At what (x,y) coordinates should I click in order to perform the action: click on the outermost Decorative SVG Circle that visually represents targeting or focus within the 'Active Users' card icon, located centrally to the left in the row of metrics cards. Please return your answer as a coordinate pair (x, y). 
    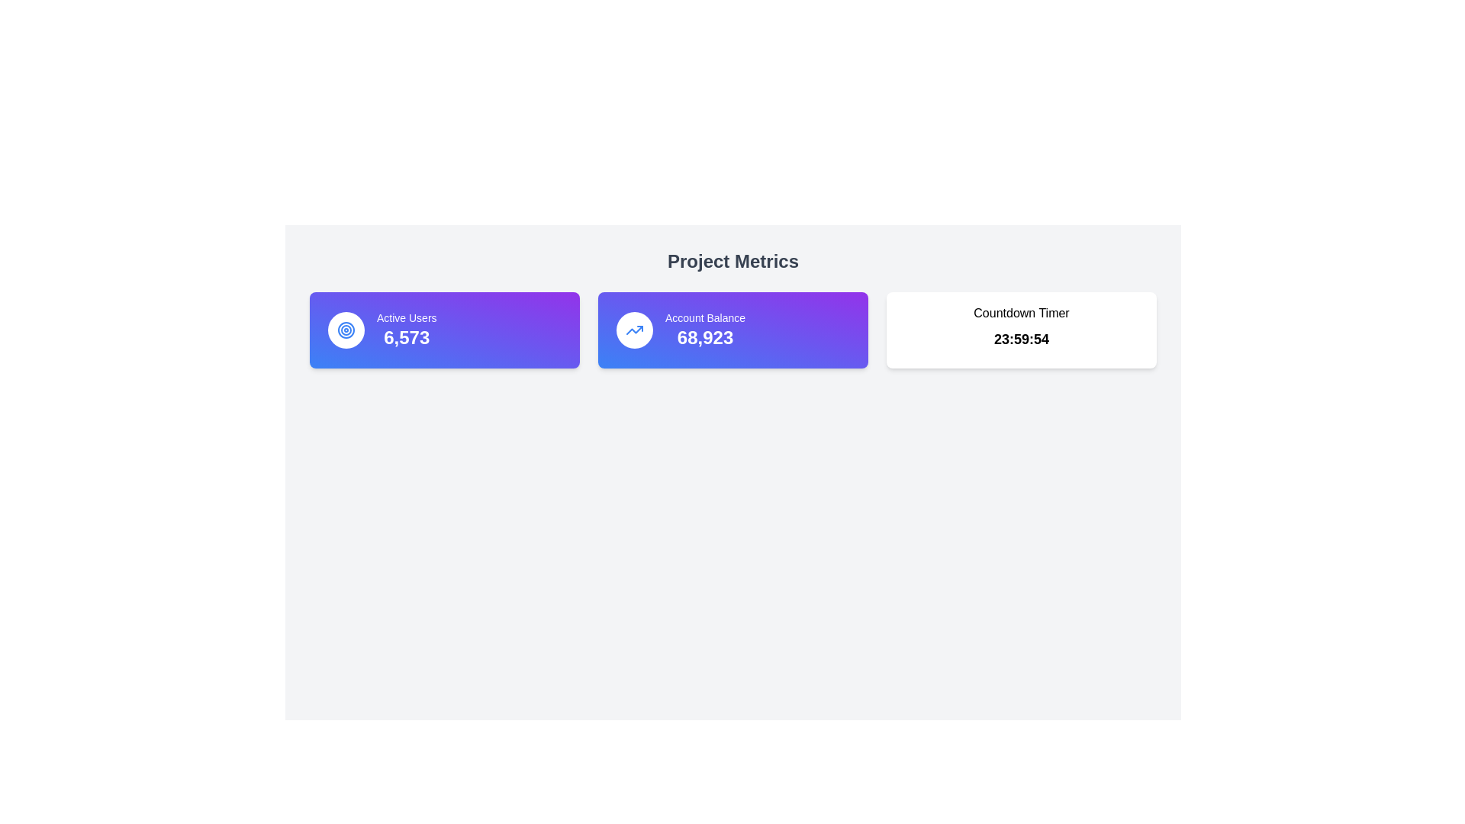
    Looking at the image, I should click on (346, 329).